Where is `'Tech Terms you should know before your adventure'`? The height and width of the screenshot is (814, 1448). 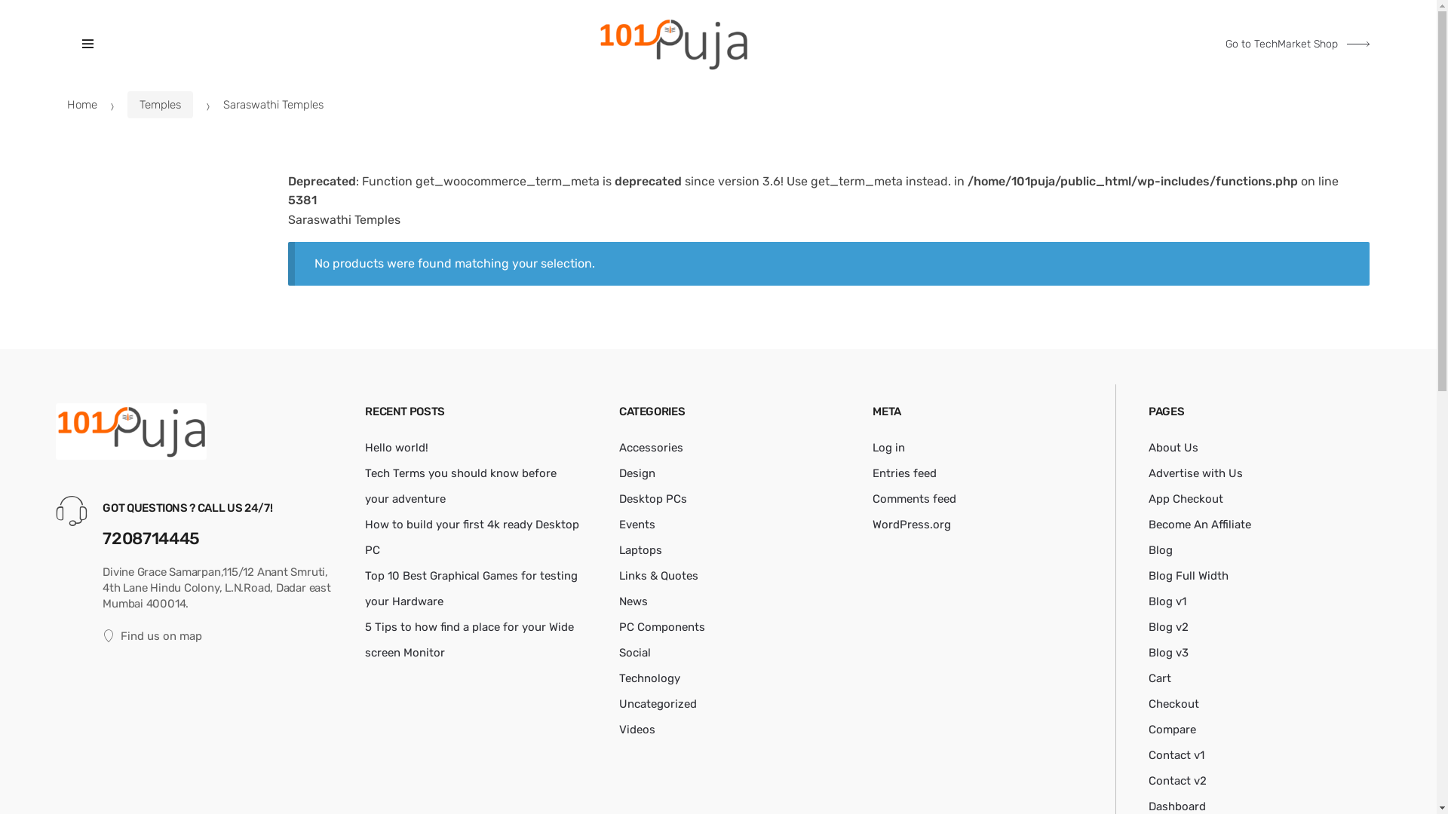 'Tech Terms you should know before your adventure' is located at coordinates (365, 485).